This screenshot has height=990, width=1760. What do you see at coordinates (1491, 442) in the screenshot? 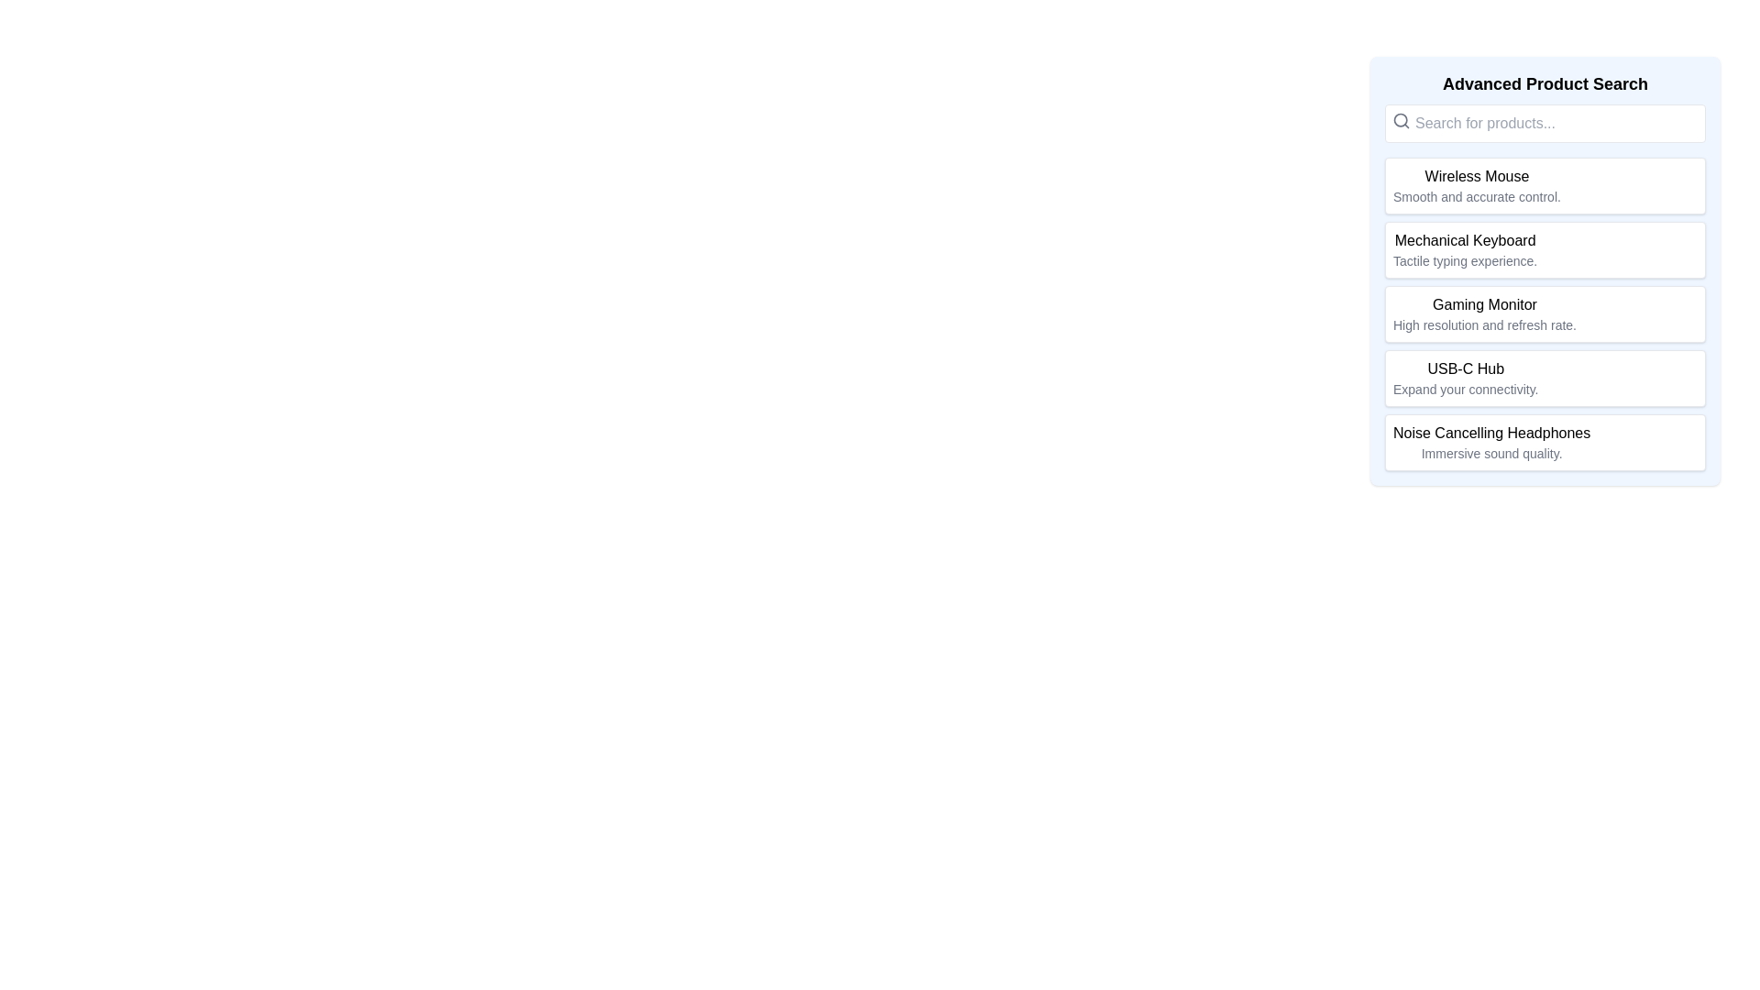
I see `the list item entry titled 'Noise Cancelling Headphones' in the sidebar section 'Advanced Product Search'` at bounding box center [1491, 442].